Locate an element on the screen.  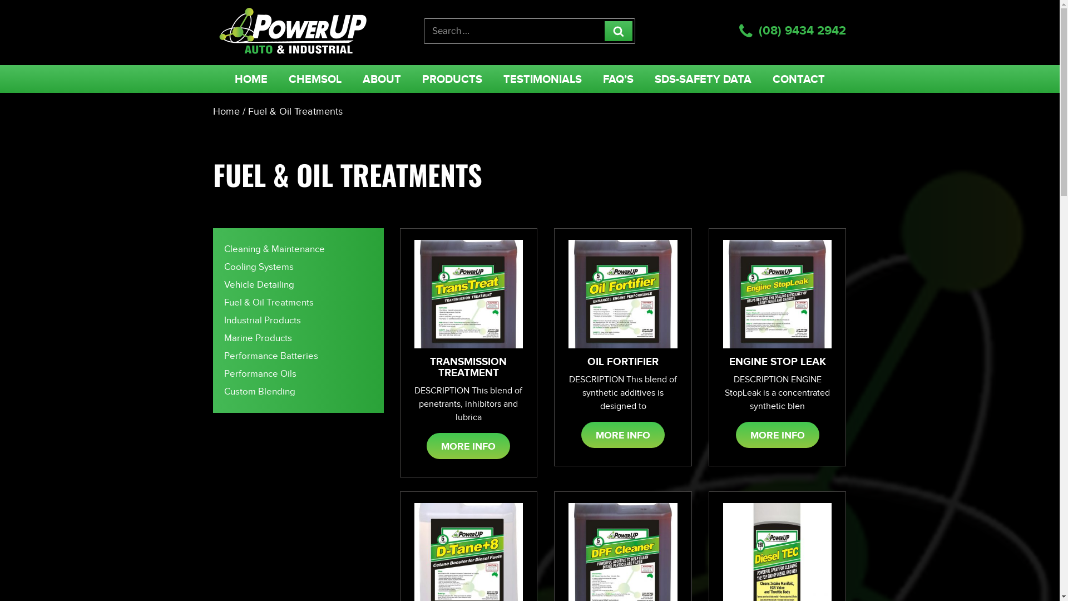
'Search' is located at coordinates (618, 31).